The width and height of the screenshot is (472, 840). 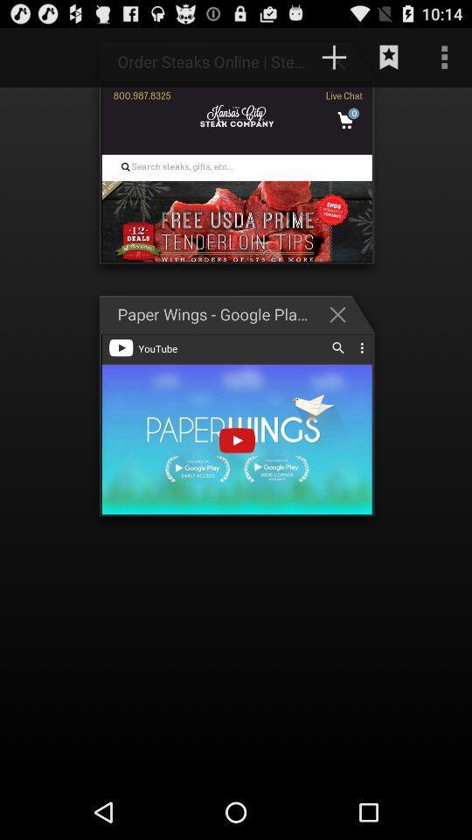 What do you see at coordinates (342, 335) in the screenshot?
I see `the close icon` at bounding box center [342, 335].